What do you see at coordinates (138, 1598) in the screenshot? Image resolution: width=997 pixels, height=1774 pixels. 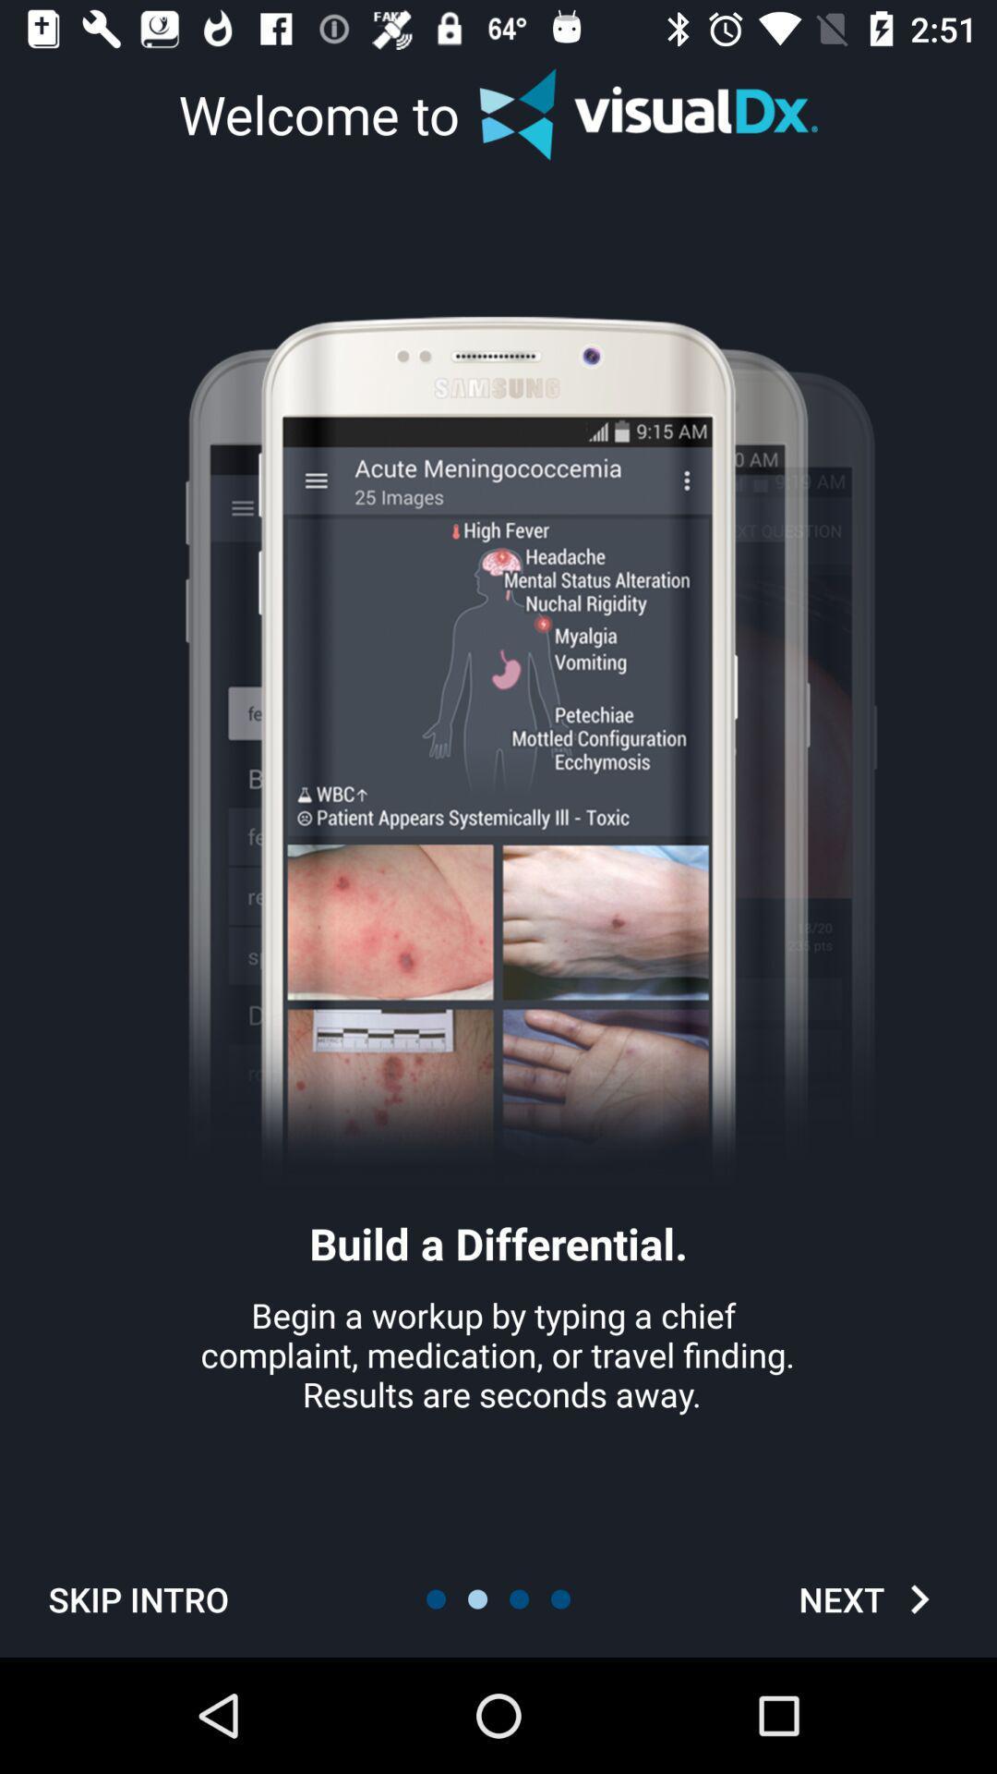 I see `the skip intro` at bounding box center [138, 1598].